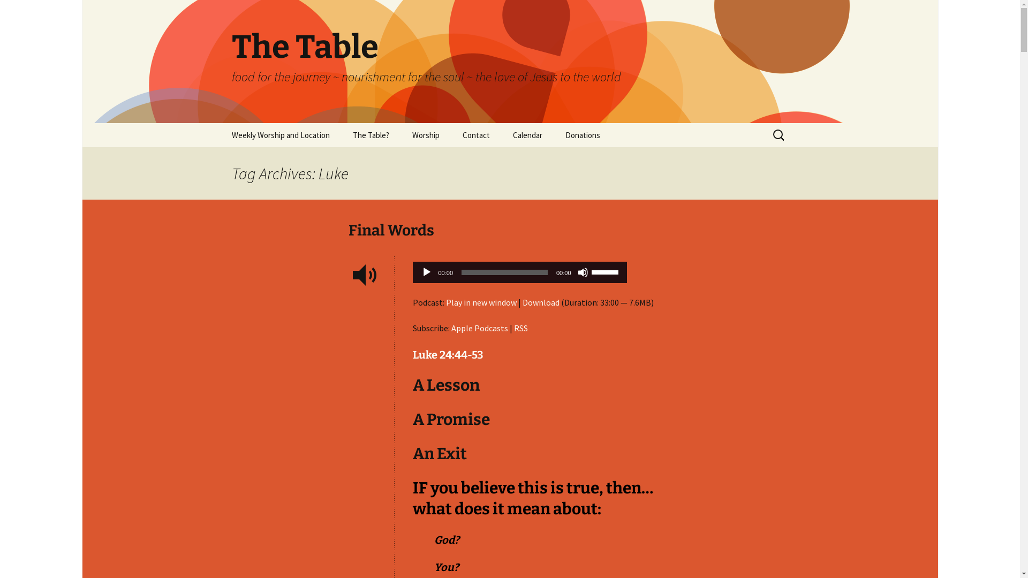 This screenshot has width=1028, height=578. What do you see at coordinates (447, 355) in the screenshot?
I see `'Luke 24:44-53'` at bounding box center [447, 355].